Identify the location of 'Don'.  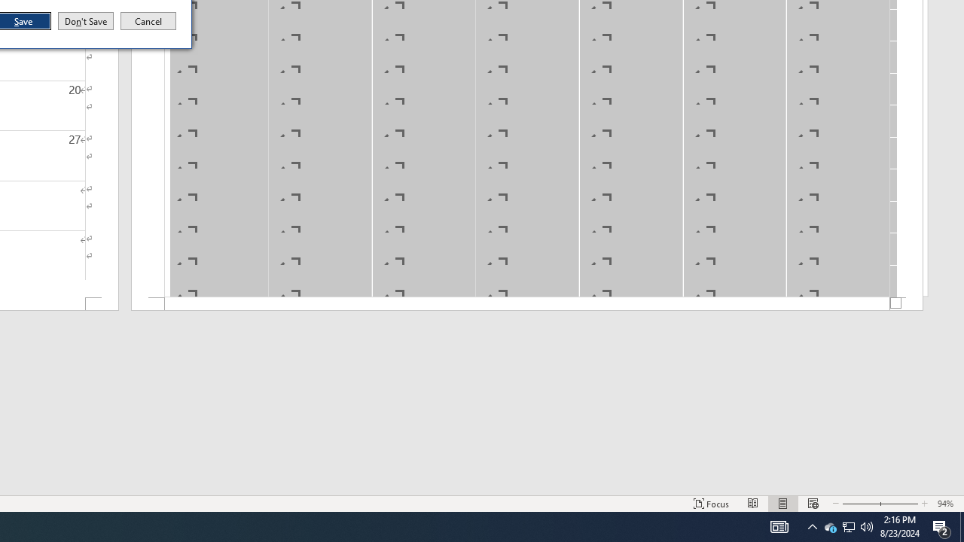
(84, 21).